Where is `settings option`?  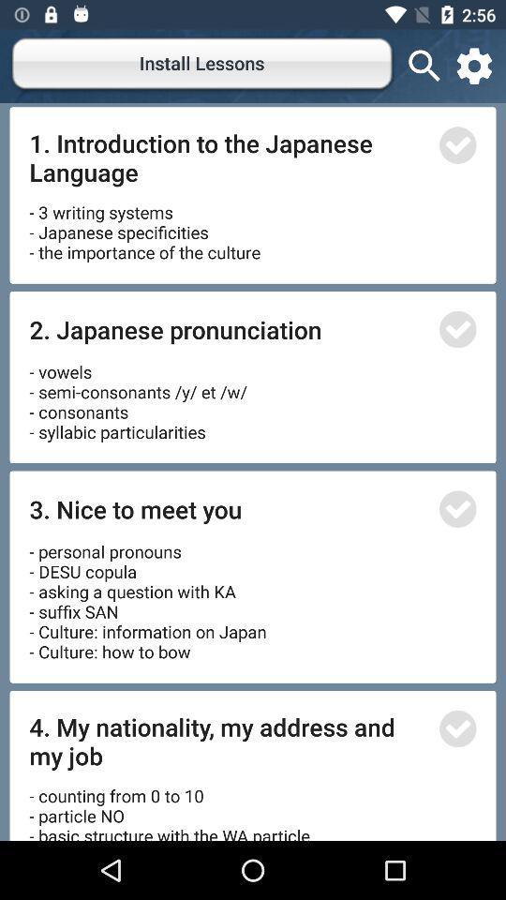
settings option is located at coordinates (473, 66).